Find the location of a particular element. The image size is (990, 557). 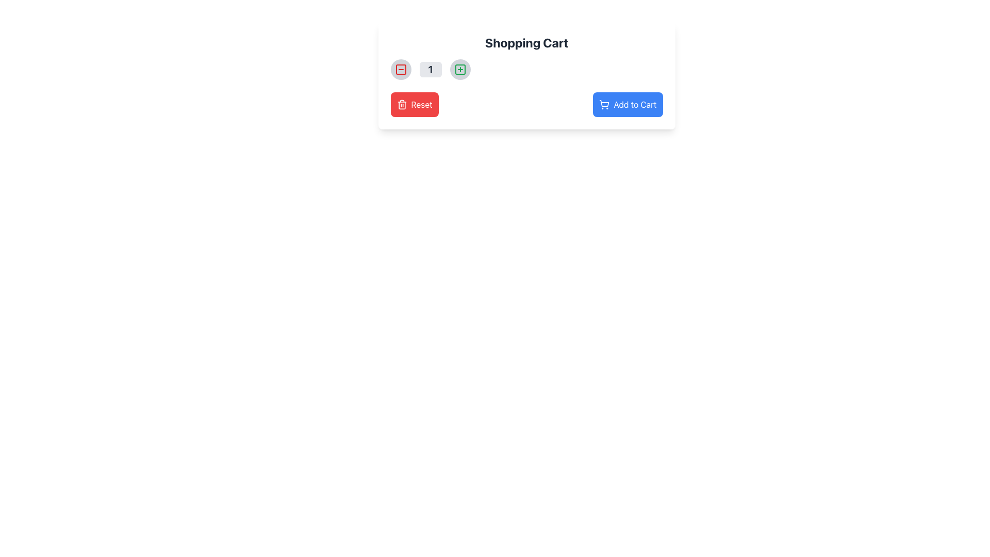

the 'Add to Cart' text label located inside the button on the lower right corner of the interface, next to the shopping cart icon is located at coordinates (635, 105).